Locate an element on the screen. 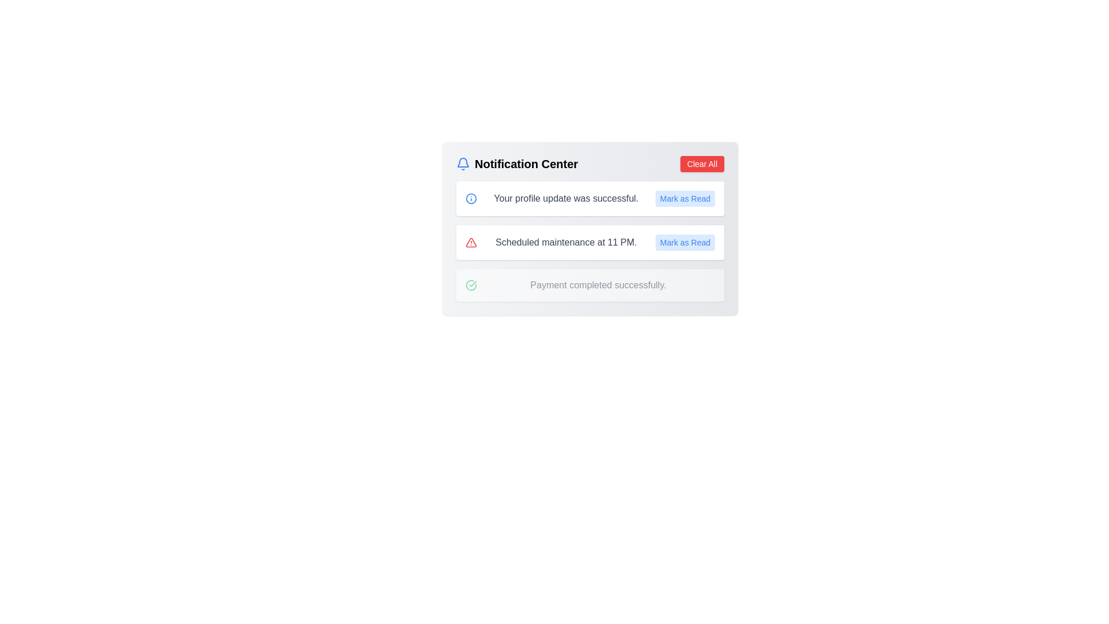  the static text label displaying 'Payment completed successfully.' located in the notification panel, positioned to the right of a green checkmark icon is located at coordinates (598, 285).